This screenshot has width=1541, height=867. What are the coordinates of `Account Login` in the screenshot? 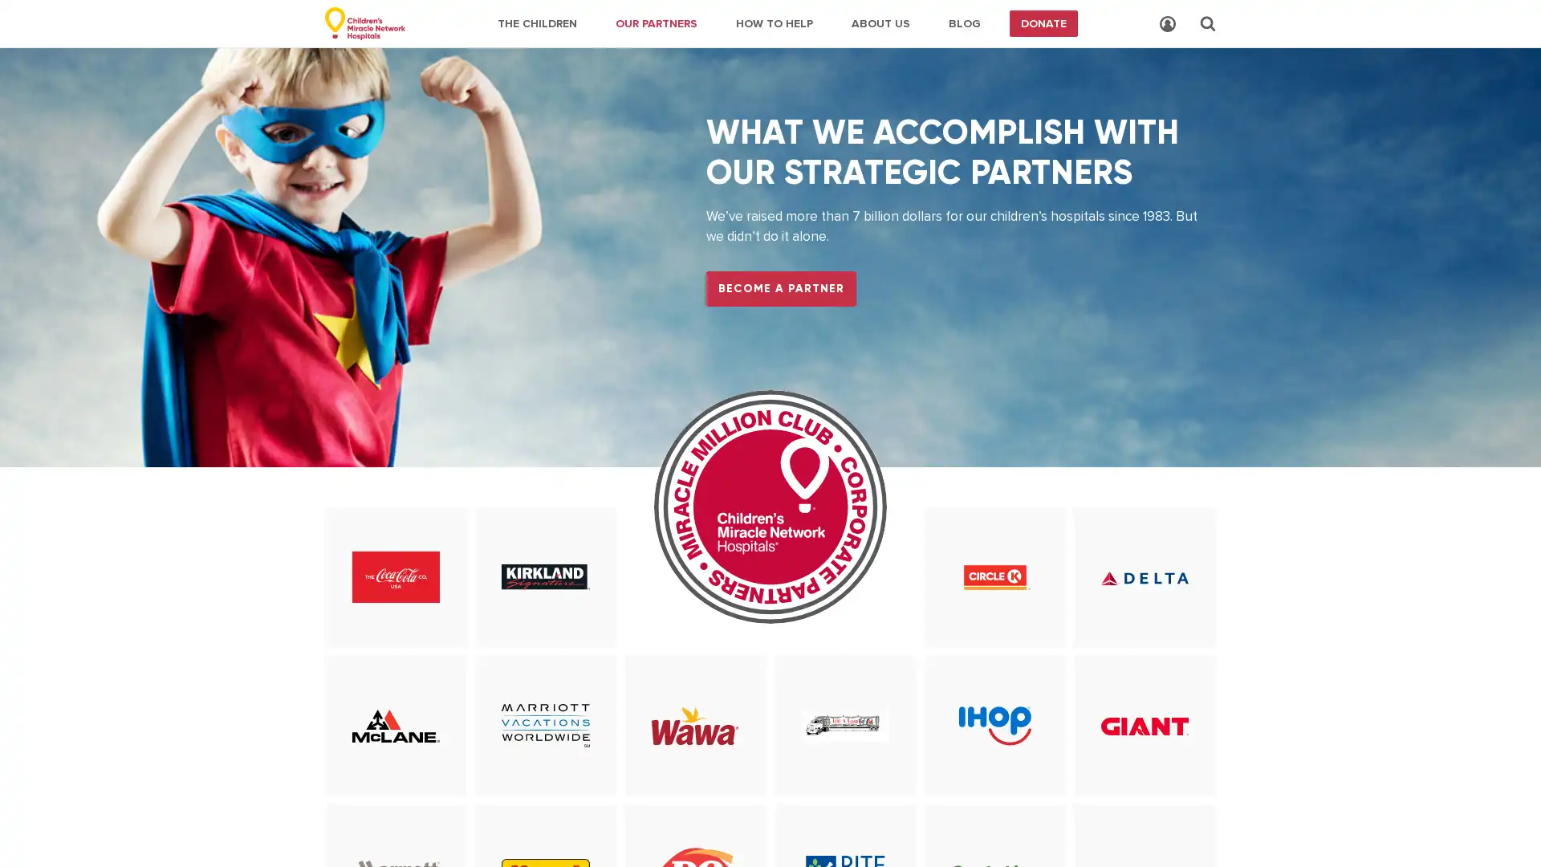 It's located at (1167, 24).